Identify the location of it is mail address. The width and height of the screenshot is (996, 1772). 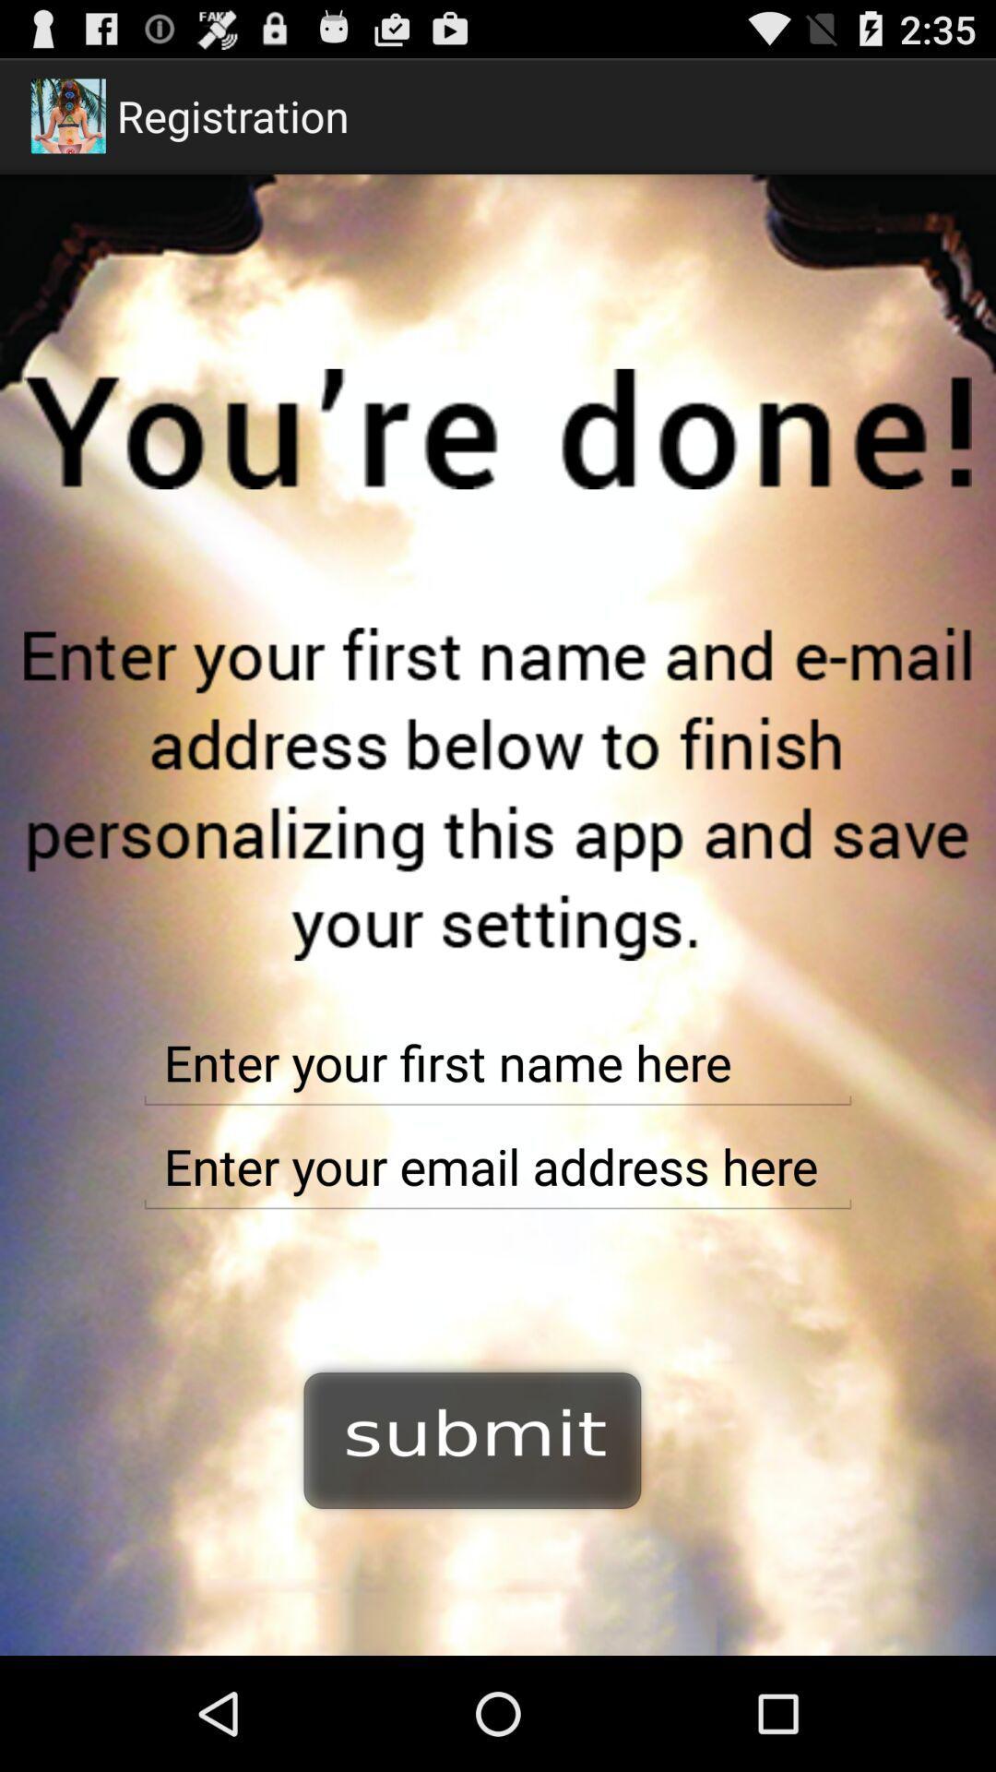
(498, 1166).